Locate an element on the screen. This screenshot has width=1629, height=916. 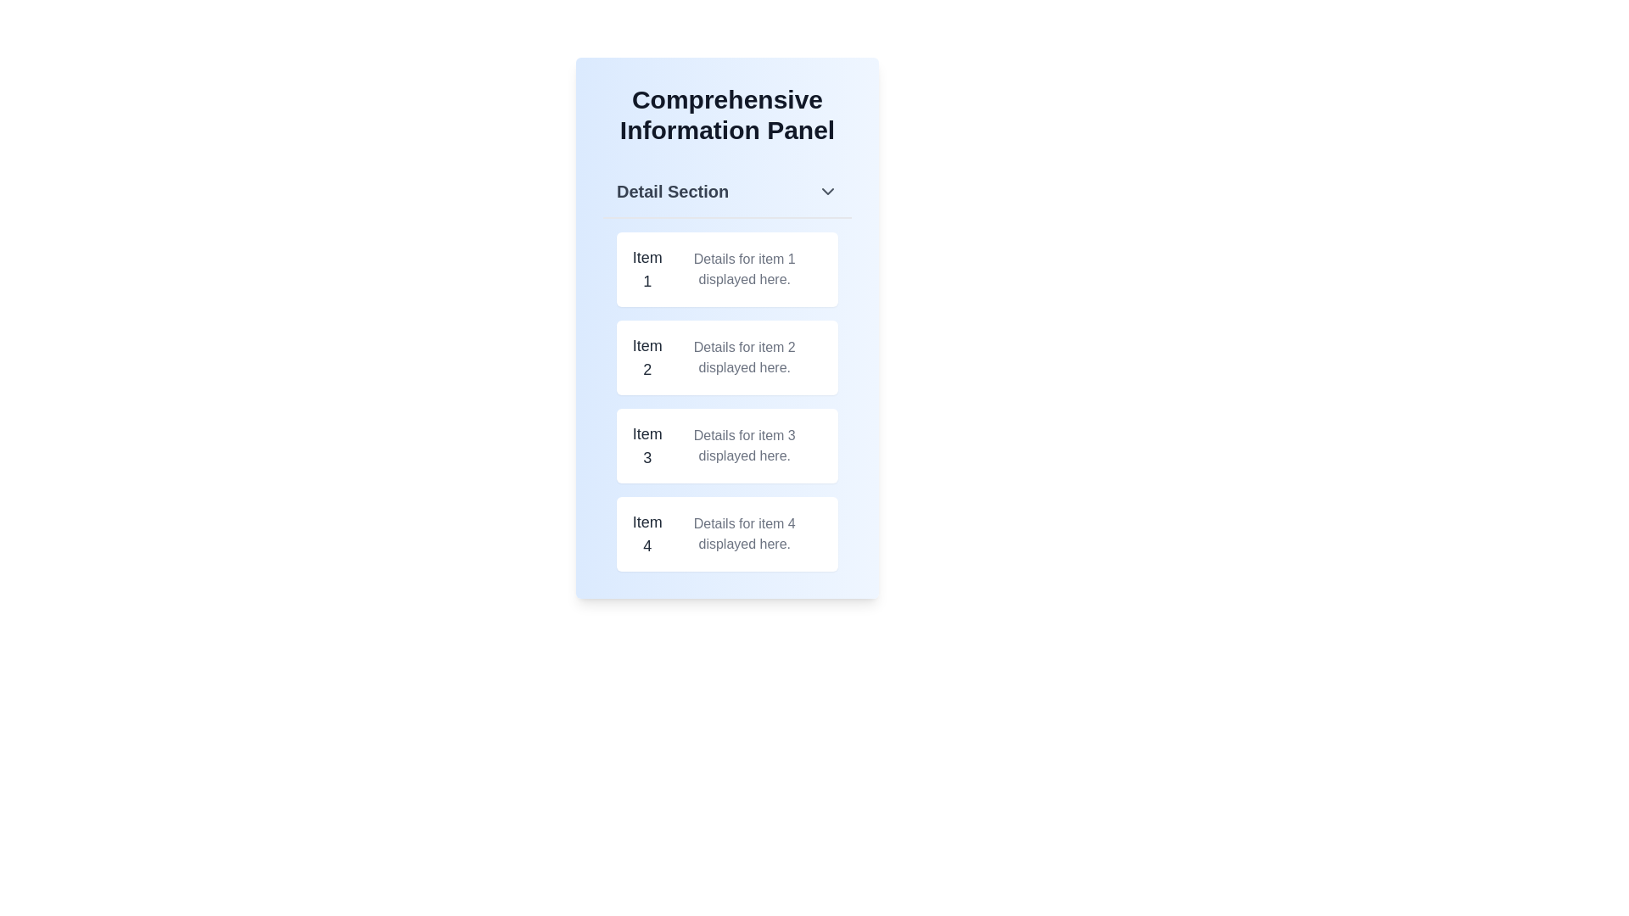
text content of the gray text label displaying 'Details for item 4 displayed here.', which is located on the right side of the label 'Item 4' in the fourth item row of the list is located at coordinates (744, 533).